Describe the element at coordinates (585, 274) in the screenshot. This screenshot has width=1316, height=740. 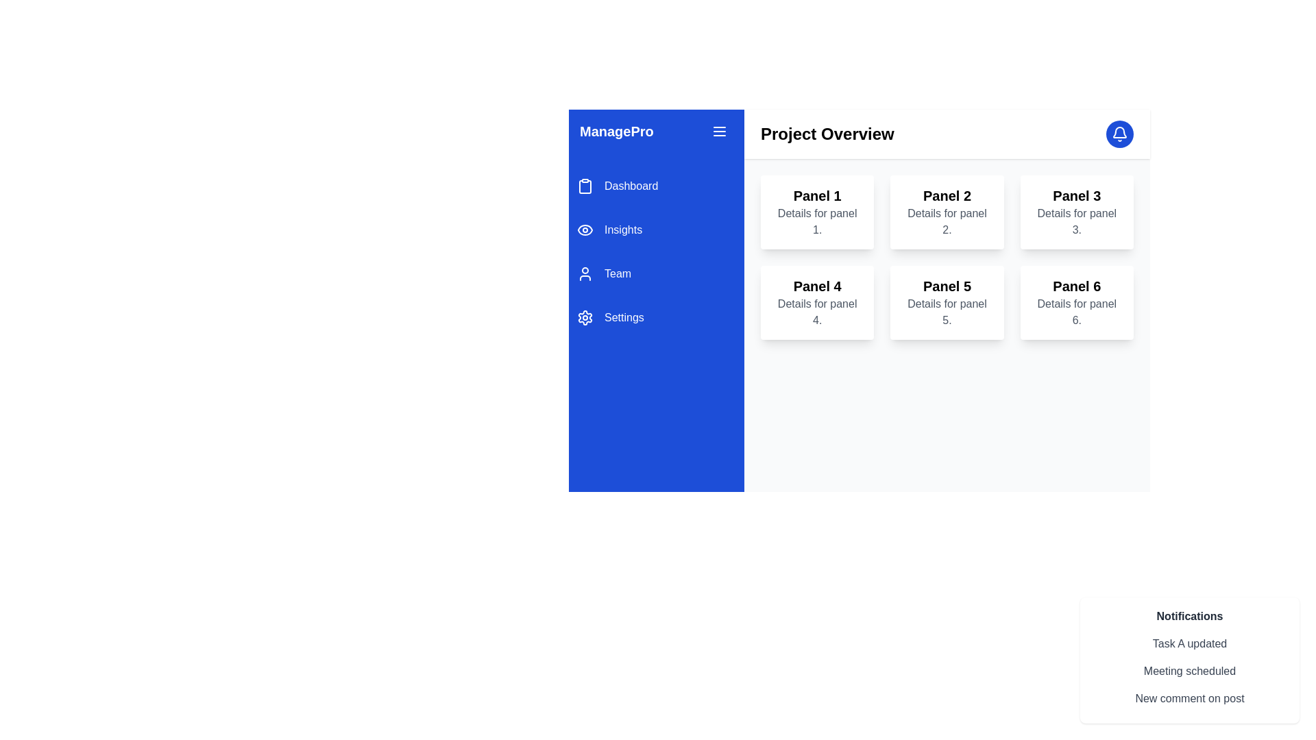
I see `the 'Team' icon in the left navigation pane for accessibility navigation` at that location.